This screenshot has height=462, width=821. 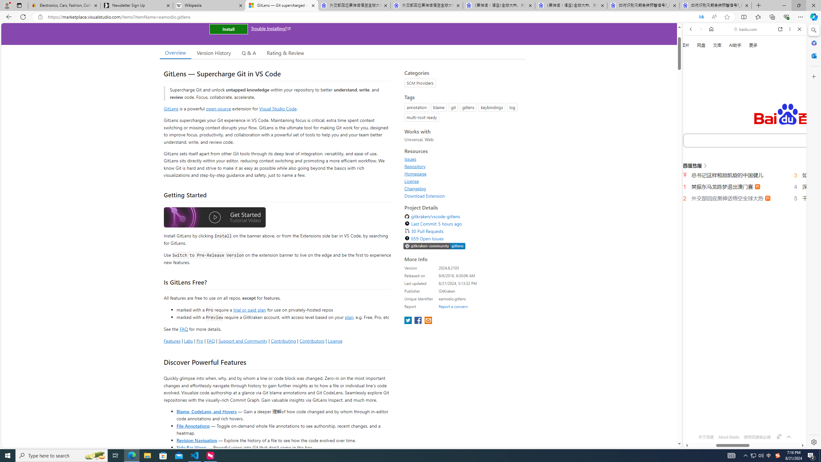 I want to click on 'Report a concern', so click(x=453, y=306).